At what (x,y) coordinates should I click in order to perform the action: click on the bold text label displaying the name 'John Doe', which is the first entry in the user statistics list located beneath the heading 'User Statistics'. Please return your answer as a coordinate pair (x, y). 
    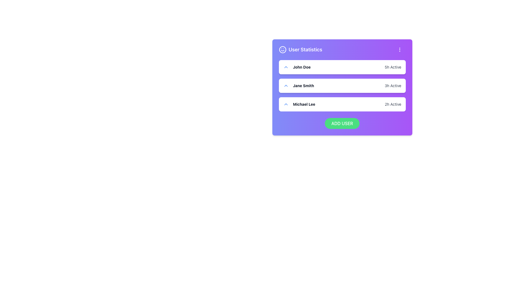
    Looking at the image, I should click on (301, 67).